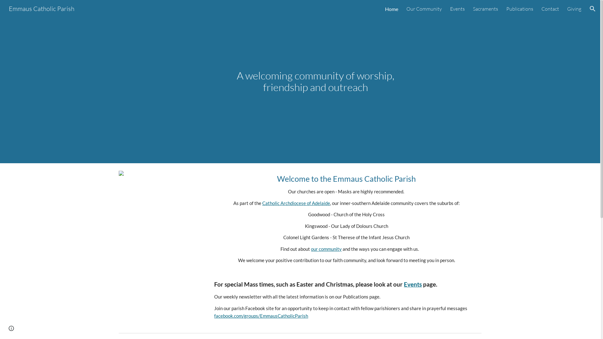 Image resolution: width=603 pixels, height=339 pixels. What do you see at coordinates (541, 8) in the screenshot?
I see `'Contact'` at bounding box center [541, 8].